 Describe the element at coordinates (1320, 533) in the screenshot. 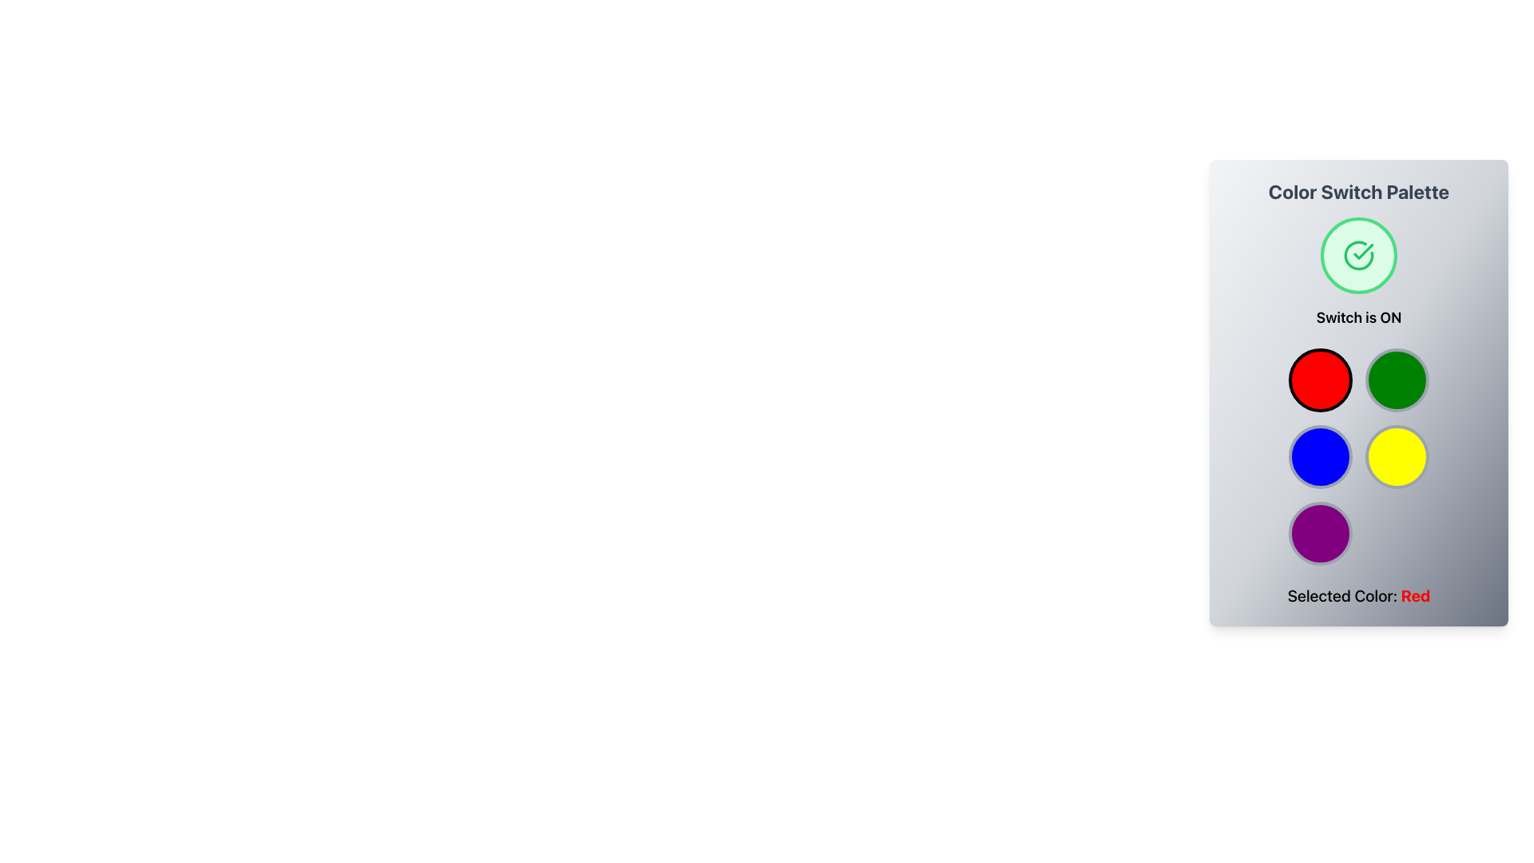

I see `the purple color selection button located in the bottom-left corner of the 2x3 grid layout` at that location.